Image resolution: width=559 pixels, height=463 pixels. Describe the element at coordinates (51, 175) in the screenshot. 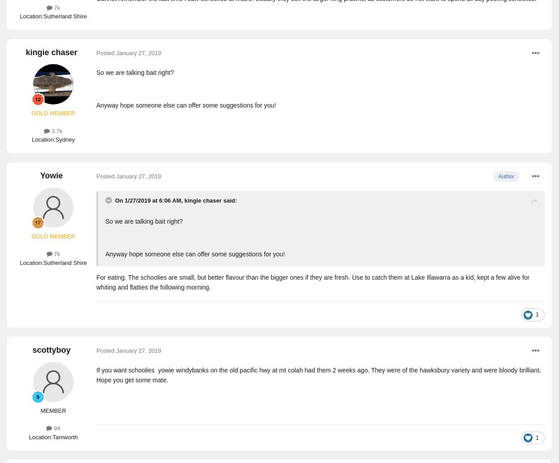

I see `'Yowie'` at that location.